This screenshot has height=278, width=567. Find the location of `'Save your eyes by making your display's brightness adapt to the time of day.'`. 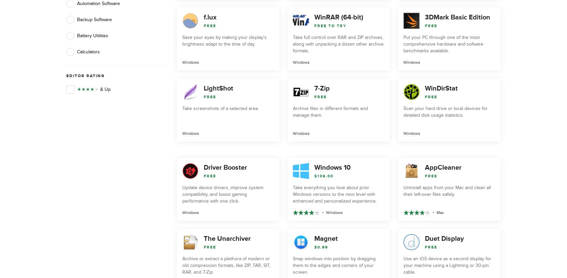

'Save your eyes by making your display's brightness adapt to the time of day.' is located at coordinates (182, 40).